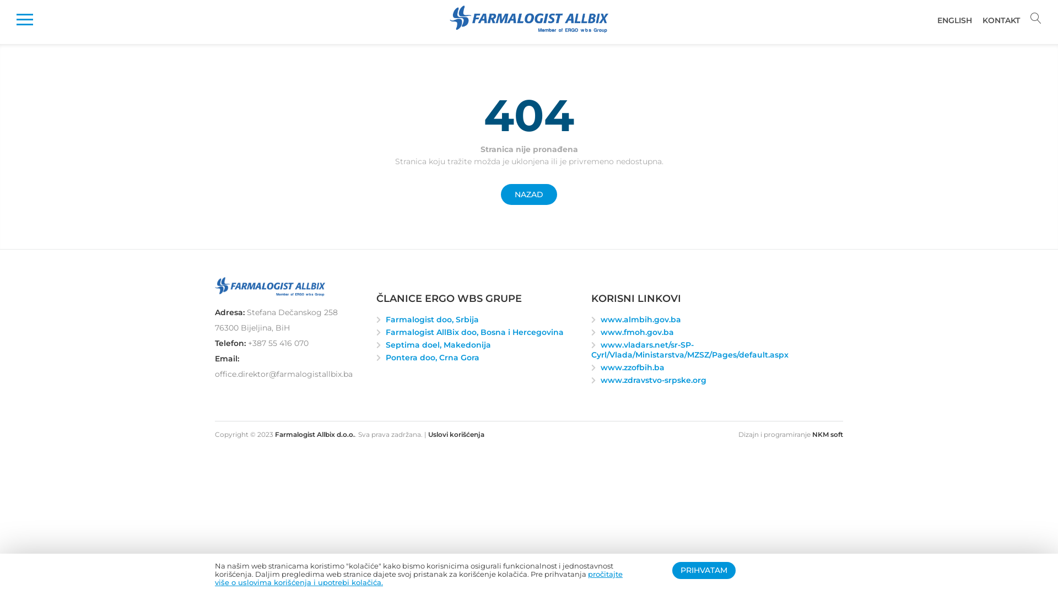 The width and height of the screenshot is (1058, 595). Describe the element at coordinates (438, 344) in the screenshot. I see `'Septima doel, Makedonija'` at that location.